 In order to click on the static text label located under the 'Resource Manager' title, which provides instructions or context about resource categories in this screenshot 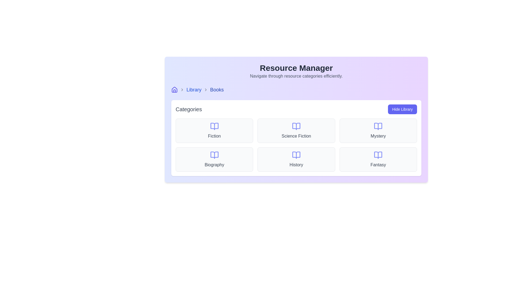, I will do `click(296, 76)`.